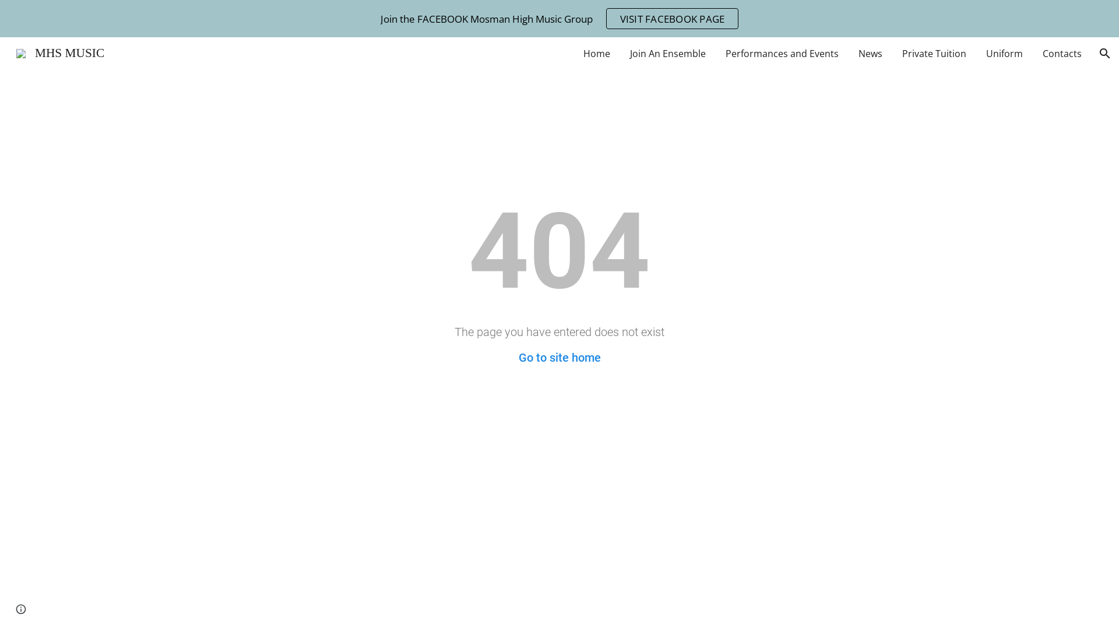 Image resolution: width=1119 pixels, height=629 pixels. What do you see at coordinates (668, 54) in the screenshot?
I see `'Join An Ensemble'` at bounding box center [668, 54].